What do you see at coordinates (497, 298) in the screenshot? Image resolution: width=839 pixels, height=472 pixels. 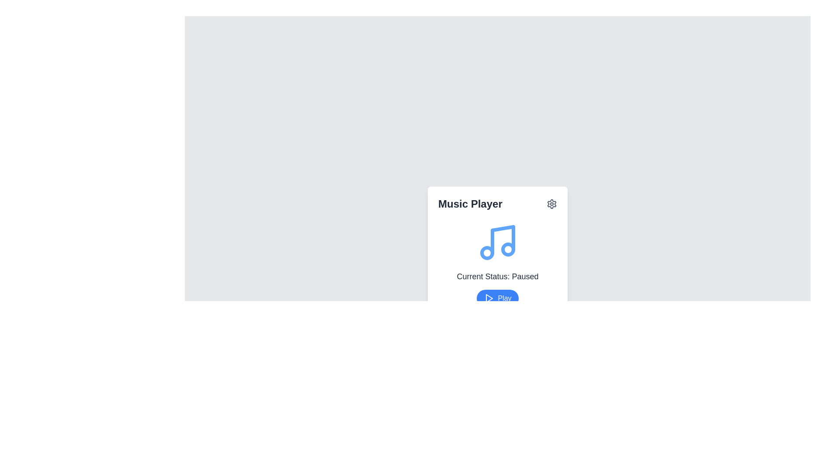 I see `the music playback button located at the bottom of the centered card component labeled 'Music Player'` at bounding box center [497, 298].